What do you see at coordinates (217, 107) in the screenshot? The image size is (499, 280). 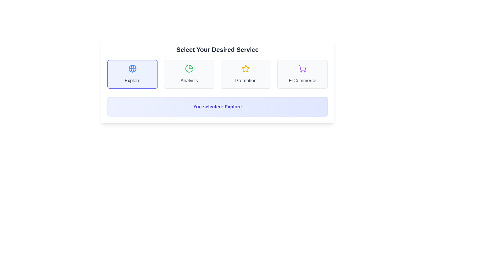 I see `the Text Display Box that confirms the selection of the 'Explore' option, located below 'Select Your Desired Service'` at bounding box center [217, 107].